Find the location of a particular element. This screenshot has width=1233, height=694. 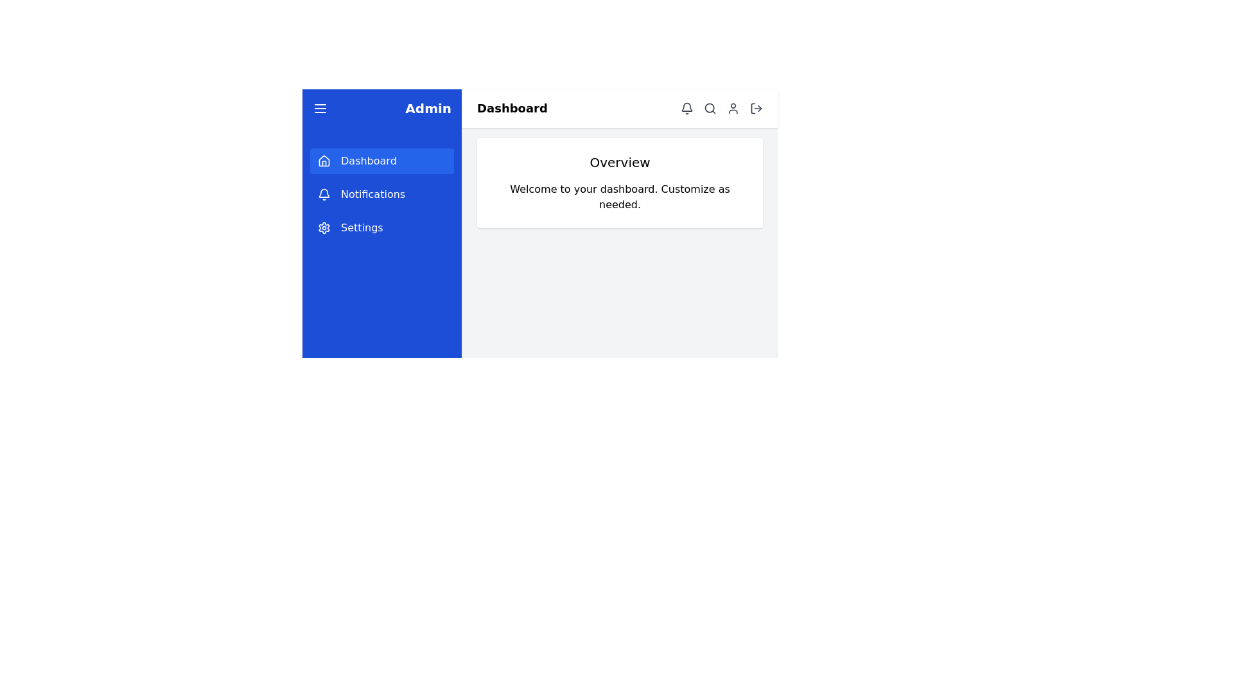

the notification bell icon located in the top-right corner of the interface is located at coordinates (686, 108).